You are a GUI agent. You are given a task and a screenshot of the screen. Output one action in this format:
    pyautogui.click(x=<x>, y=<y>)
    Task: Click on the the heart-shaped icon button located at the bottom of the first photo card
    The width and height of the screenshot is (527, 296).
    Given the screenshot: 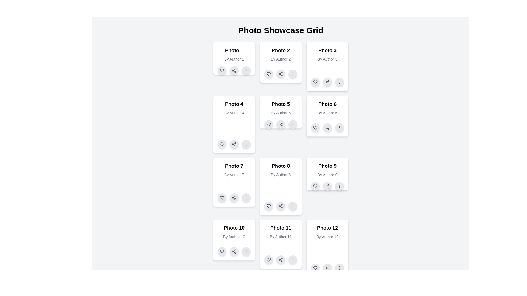 What is the action you would take?
    pyautogui.click(x=222, y=70)
    